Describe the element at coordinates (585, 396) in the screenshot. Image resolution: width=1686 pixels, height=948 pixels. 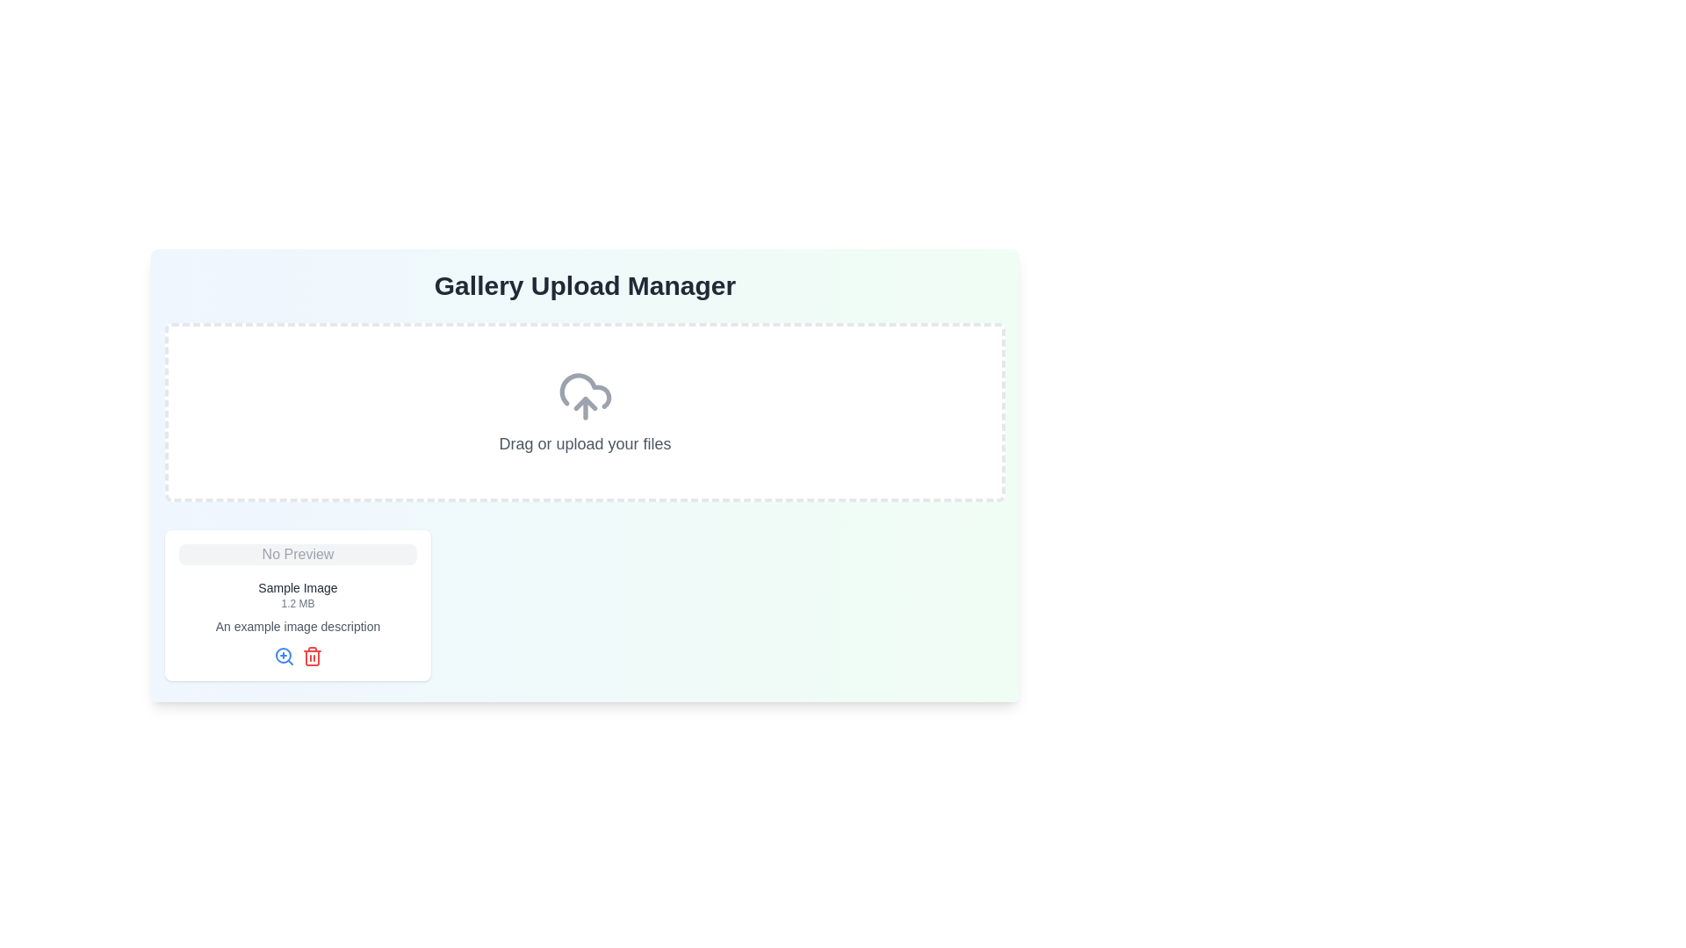
I see `the cloud icon with an upward-pointing arrow, which represents the upload functionality in the file upload interface` at that location.